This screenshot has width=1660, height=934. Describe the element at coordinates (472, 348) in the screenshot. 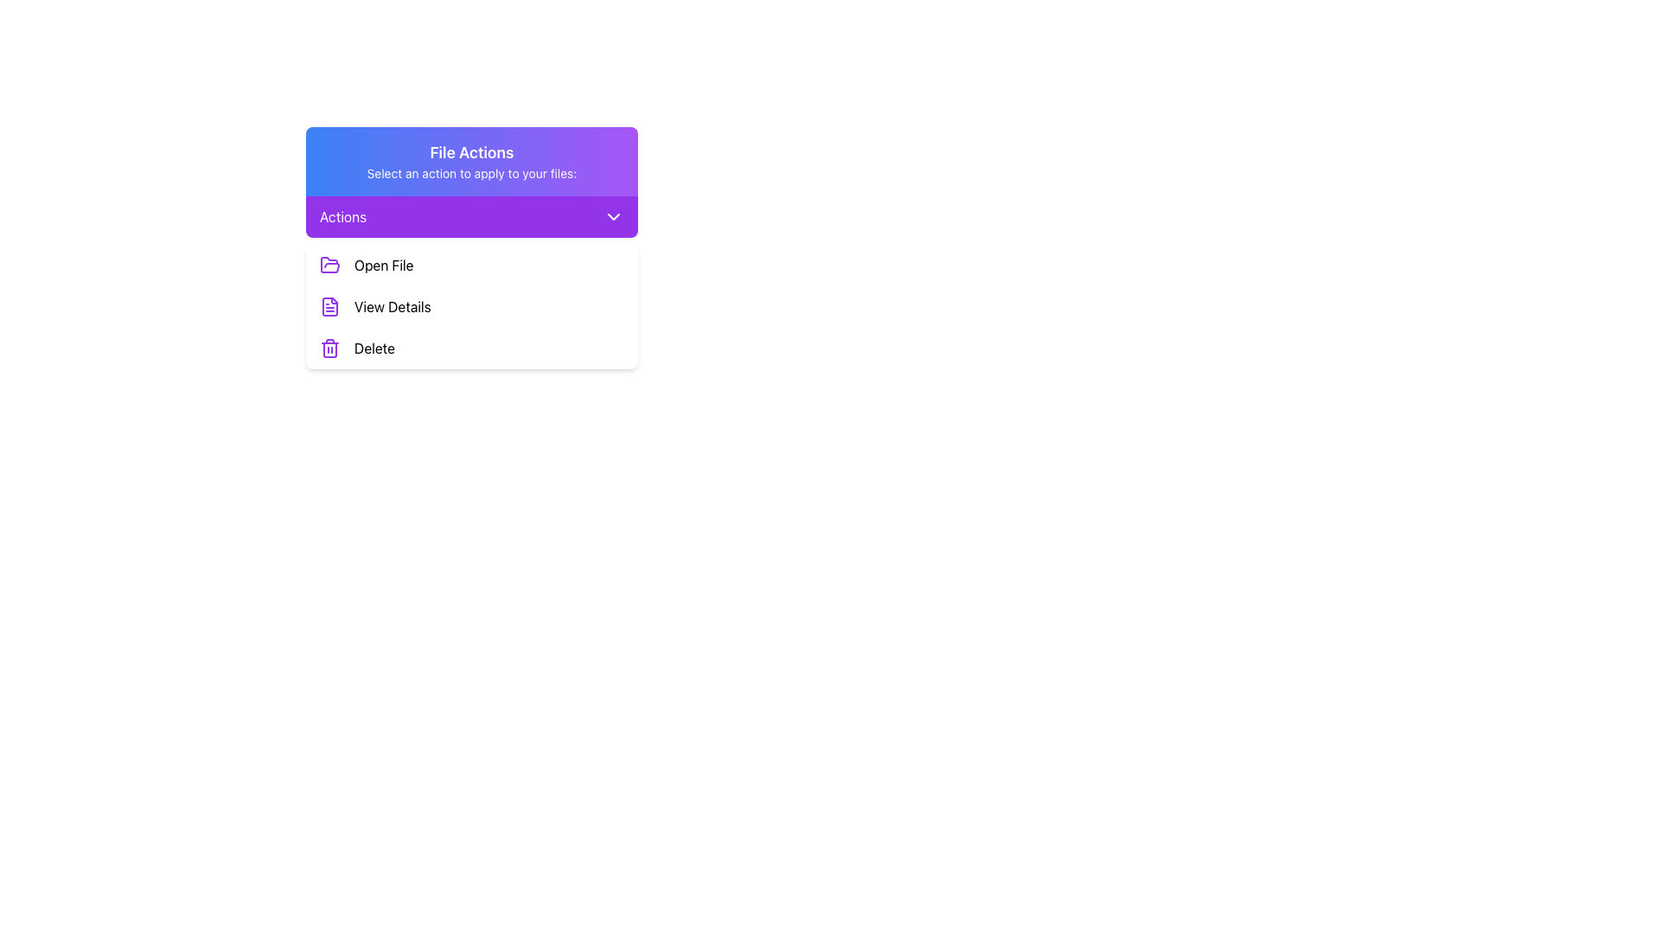

I see `the delete button located at the bottom of the 'File Actions' dropdown panel` at that location.